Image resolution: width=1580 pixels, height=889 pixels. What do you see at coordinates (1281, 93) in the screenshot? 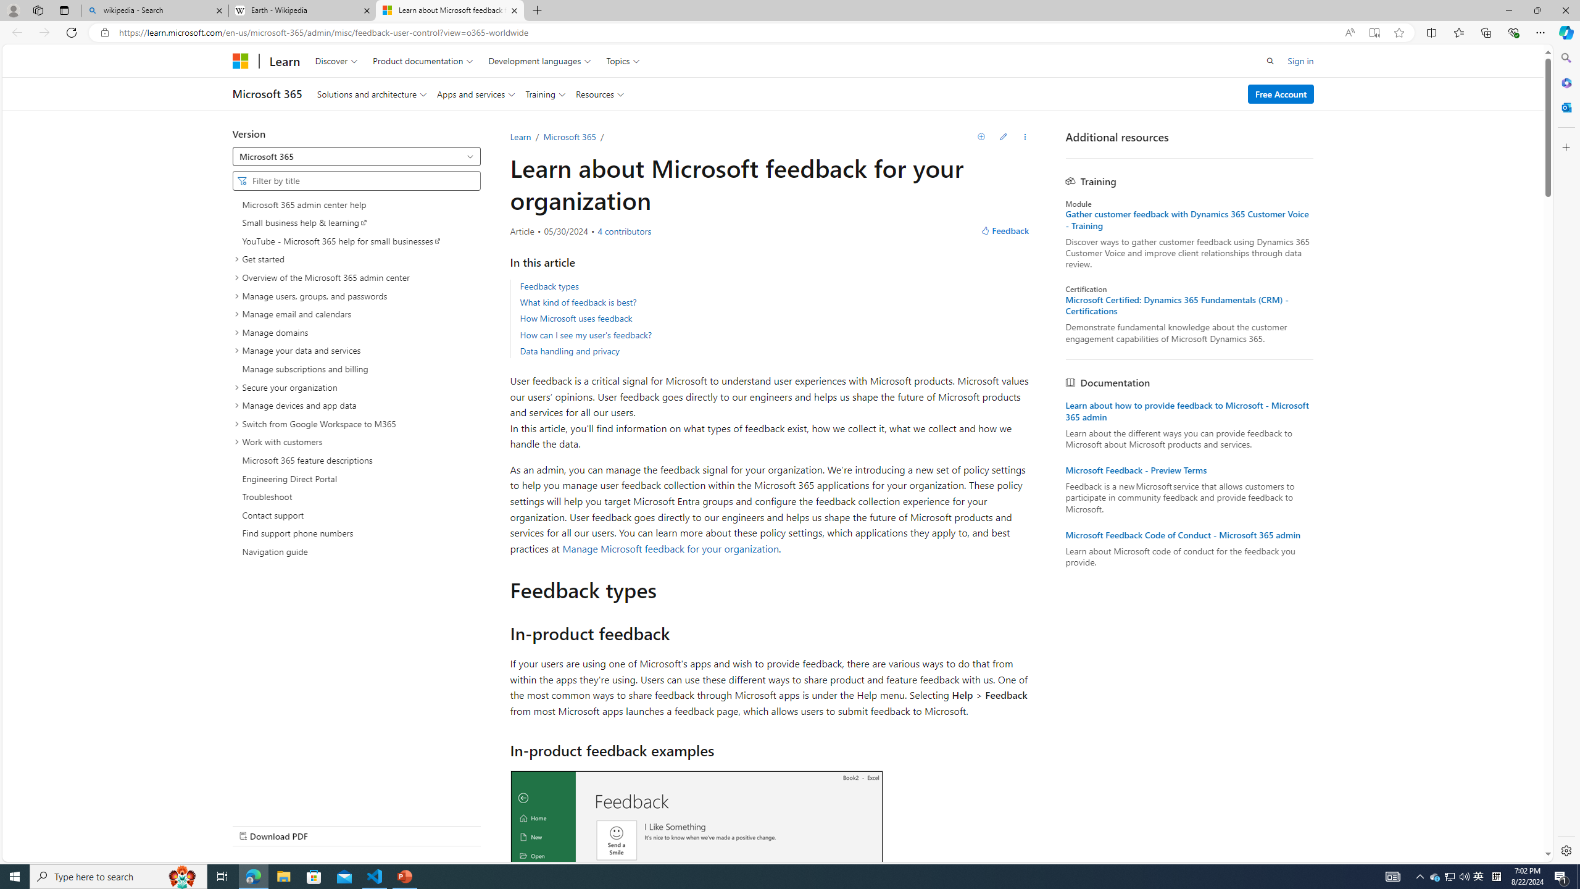
I see `'Free Account'` at bounding box center [1281, 93].